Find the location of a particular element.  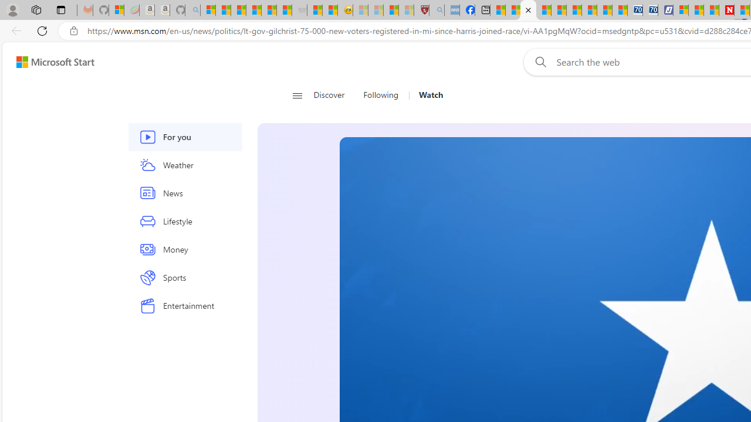

'Newsweek - News, Analysis, Politics, Business, Technology' is located at coordinates (726, 10).